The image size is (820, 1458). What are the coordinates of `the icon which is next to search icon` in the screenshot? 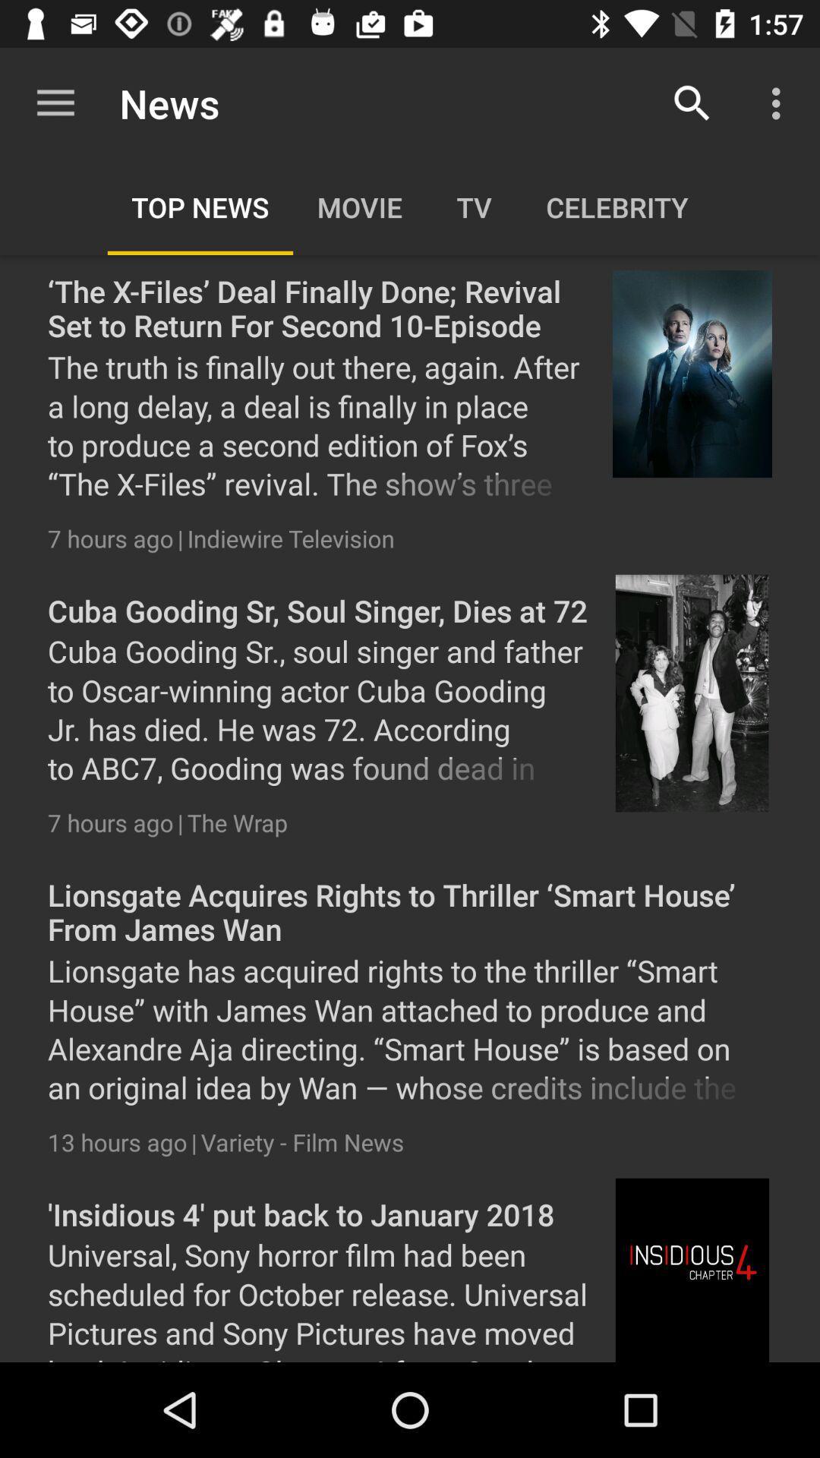 It's located at (780, 103).